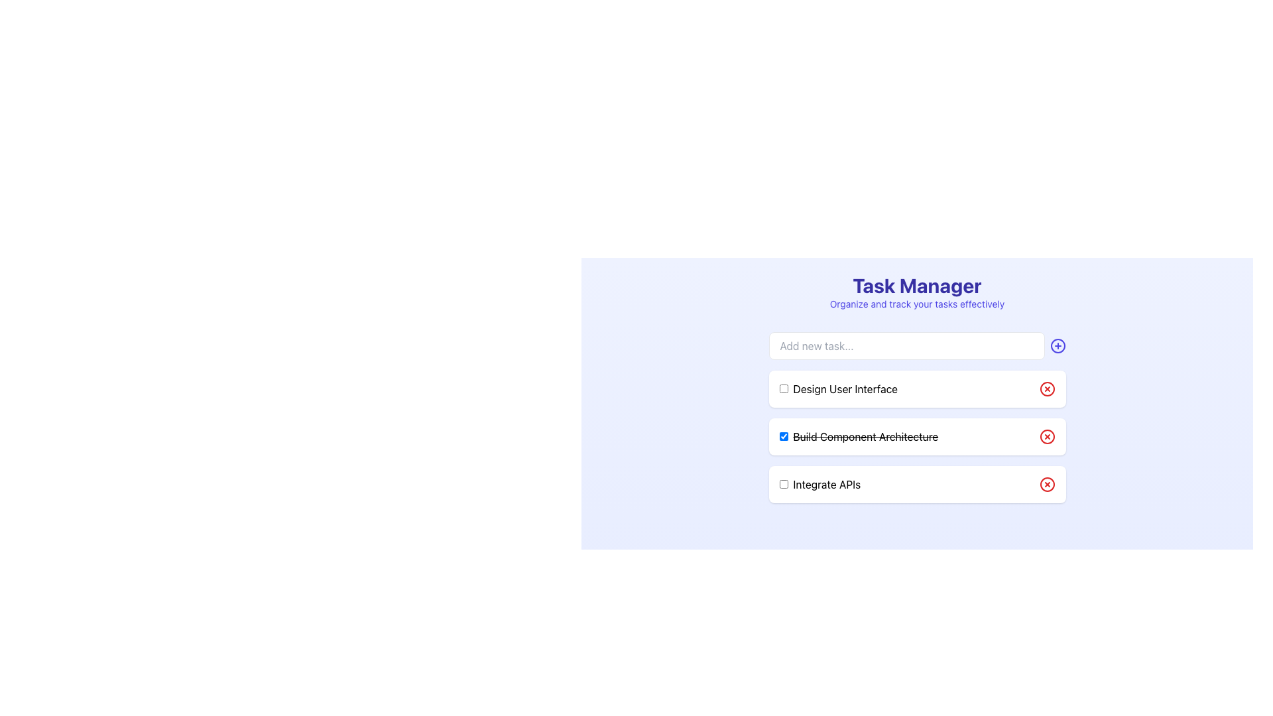 Image resolution: width=1273 pixels, height=716 pixels. Describe the element at coordinates (916, 285) in the screenshot. I see `text of the heading element that serves as the main title for the page, positioned above the subtitle 'Organize and track your tasks effectively'` at that location.